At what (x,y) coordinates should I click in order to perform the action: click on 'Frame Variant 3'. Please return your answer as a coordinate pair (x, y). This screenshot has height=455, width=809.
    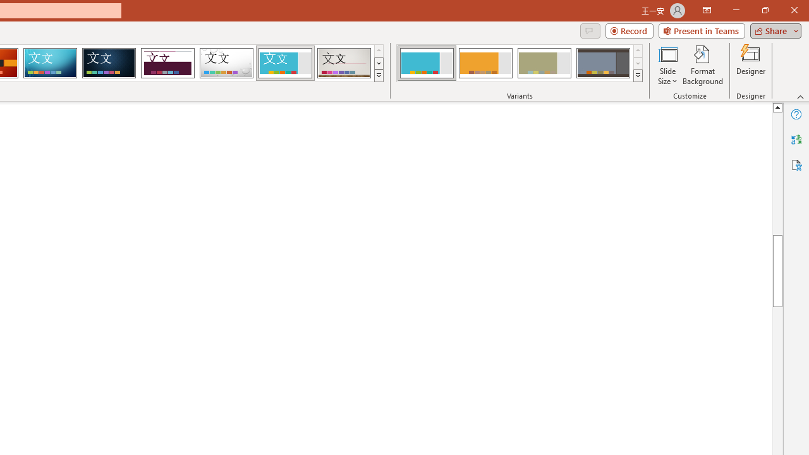
    Looking at the image, I should click on (544, 63).